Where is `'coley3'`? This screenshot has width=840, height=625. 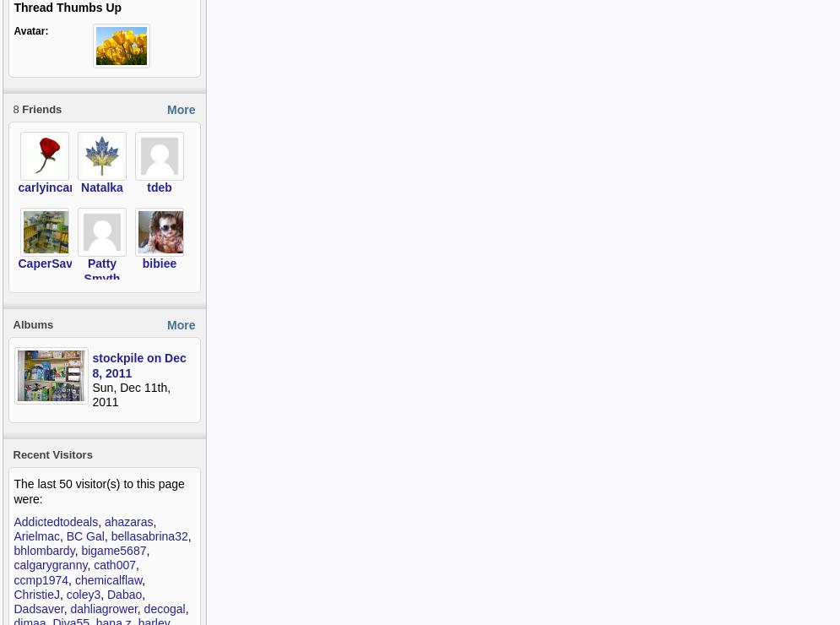
'coley3' is located at coordinates (66, 593).